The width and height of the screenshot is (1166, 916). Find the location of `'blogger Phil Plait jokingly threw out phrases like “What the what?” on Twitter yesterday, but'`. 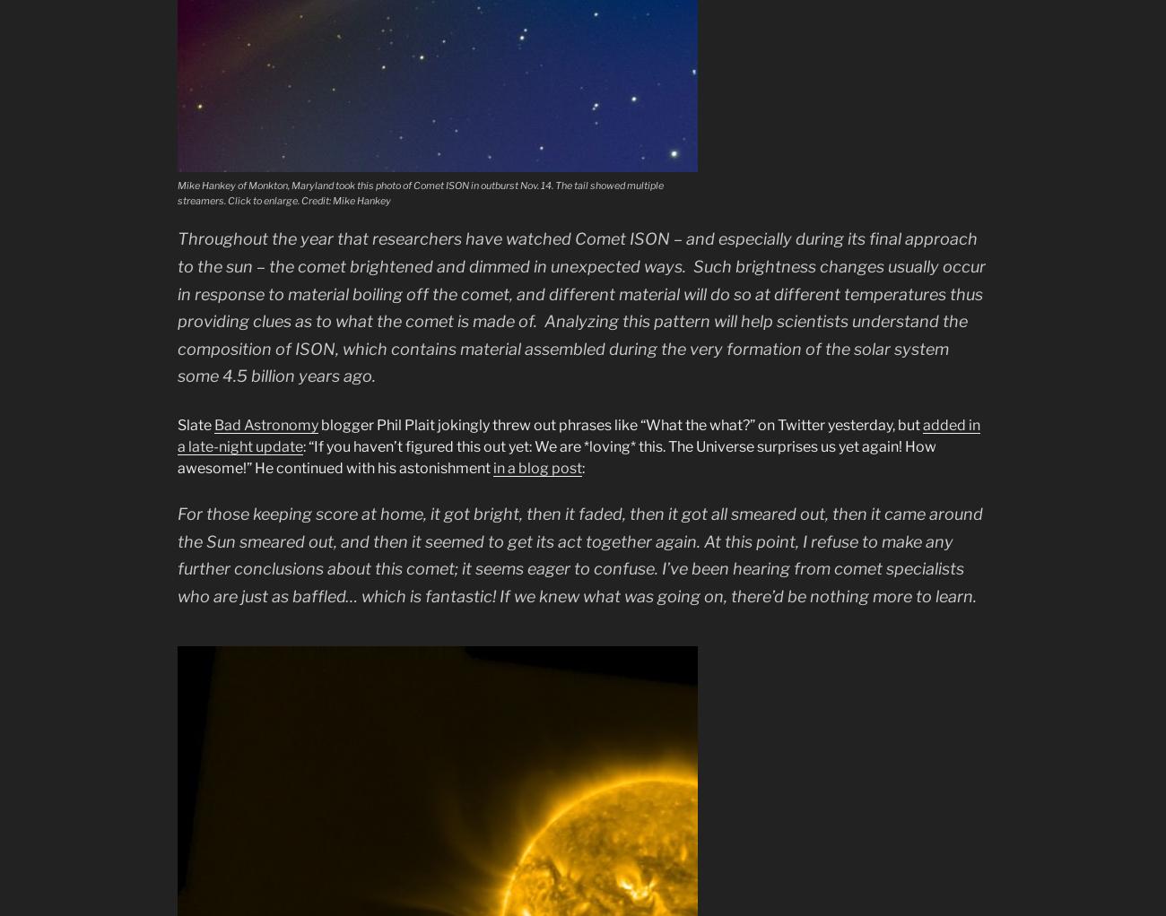

'blogger Phil Plait jokingly threw out phrases like “What the what?” on Twitter yesterday, but' is located at coordinates (619, 423).